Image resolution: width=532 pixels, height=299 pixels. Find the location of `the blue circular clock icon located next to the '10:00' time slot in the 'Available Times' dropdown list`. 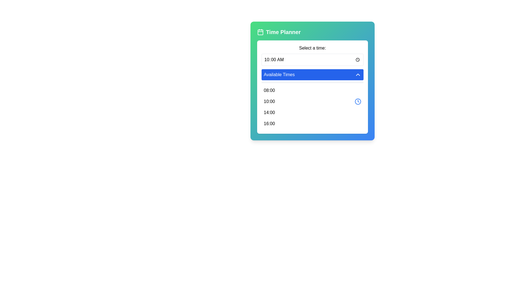

the blue circular clock icon located next to the '10:00' time slot in the 'Available Times' dropdown list is located at coordinates (358, 101).